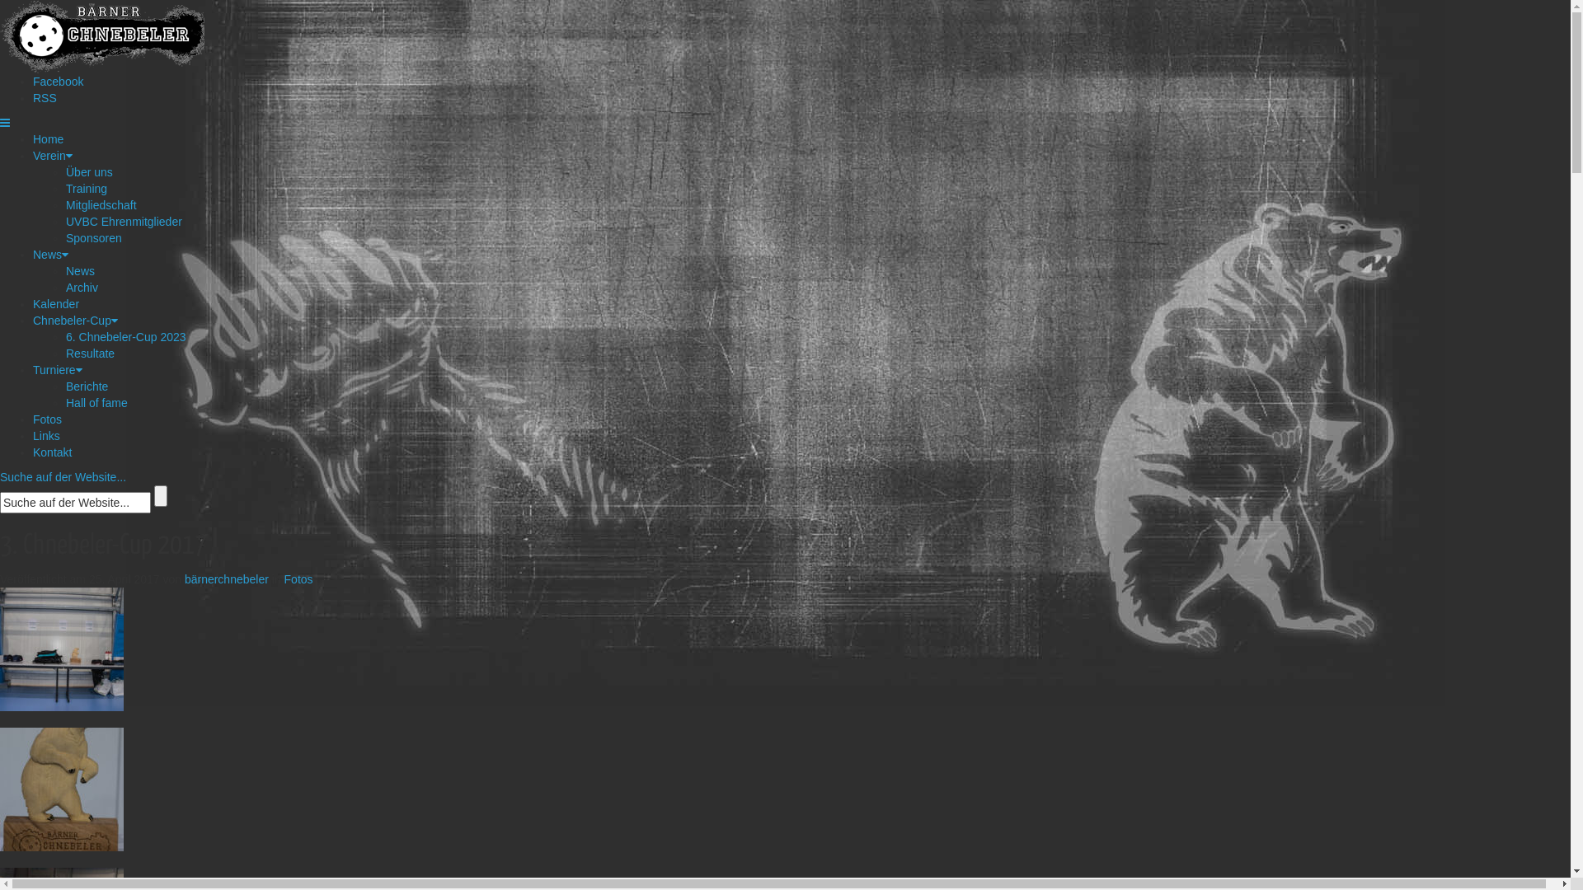  Describe the element at coordinates (74, 321) in the screenshot. I see `'Chnebeler-Cup'` at that location.